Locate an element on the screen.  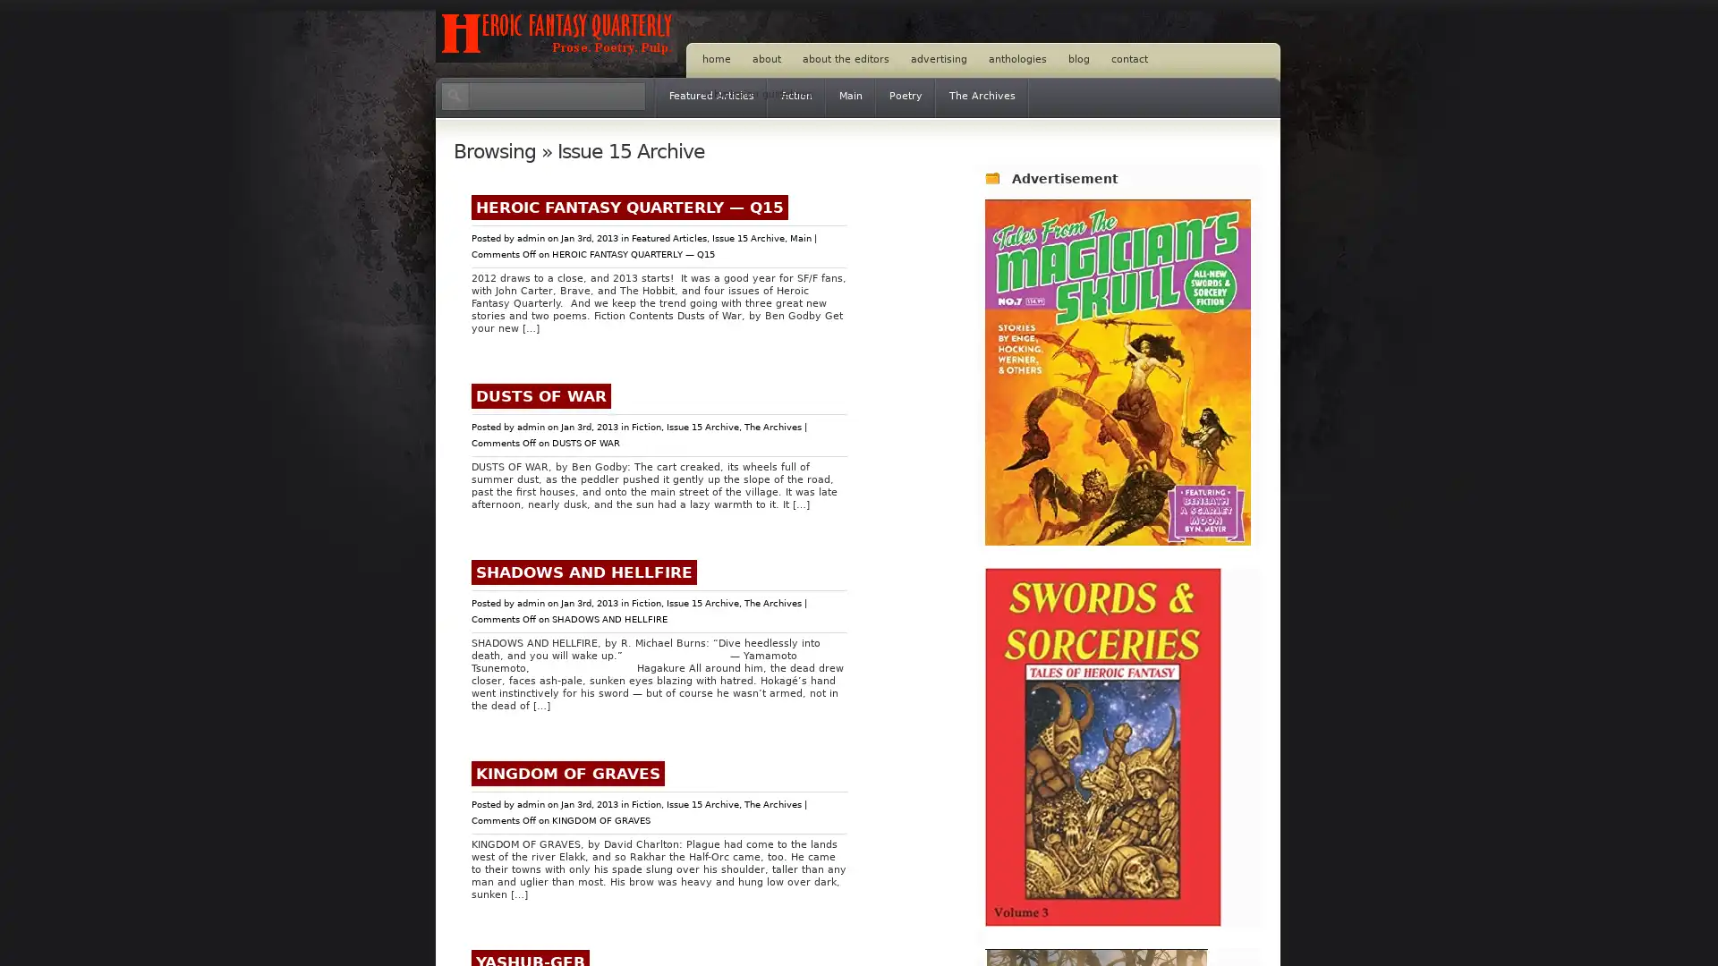
Search is located at coordinates (455, 97).